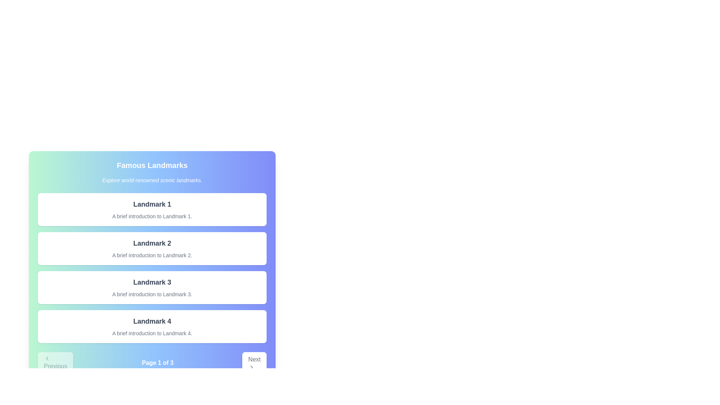  Describe the element at coordinates (152, 294) in the screenshot. I see `the text label that reads 'A brief introduction to Landmark 3.' which is styled in light gray and positioned near the bottom of the white card for Landmark 3` at that location.